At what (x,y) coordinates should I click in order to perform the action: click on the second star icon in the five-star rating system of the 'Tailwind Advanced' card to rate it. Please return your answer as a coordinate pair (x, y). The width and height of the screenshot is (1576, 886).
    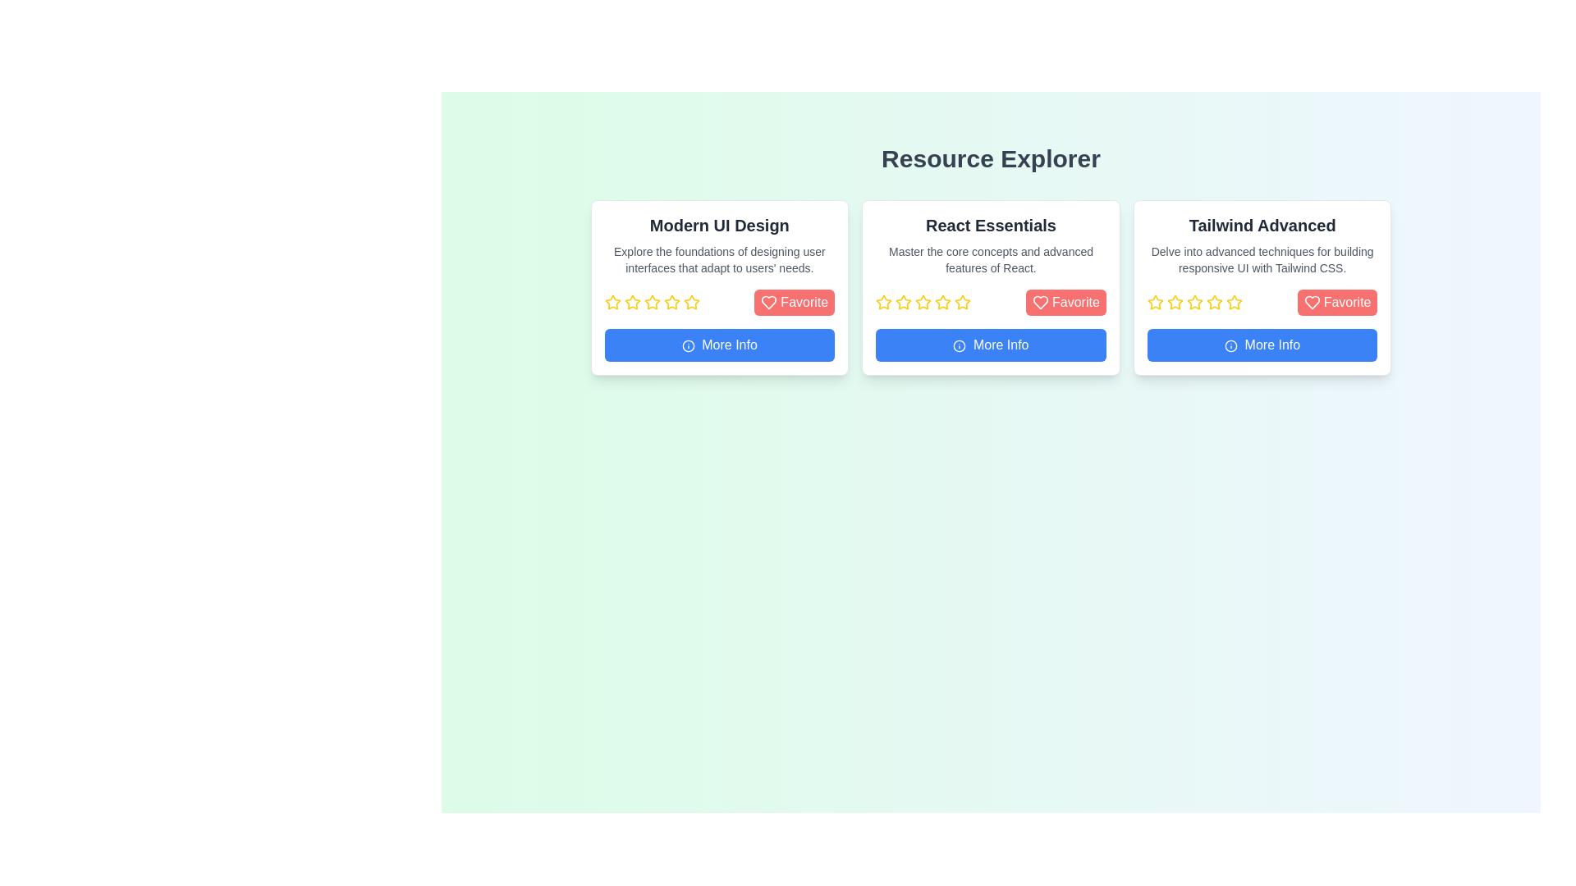
    Looking at the image, I should click on (1214, 302).